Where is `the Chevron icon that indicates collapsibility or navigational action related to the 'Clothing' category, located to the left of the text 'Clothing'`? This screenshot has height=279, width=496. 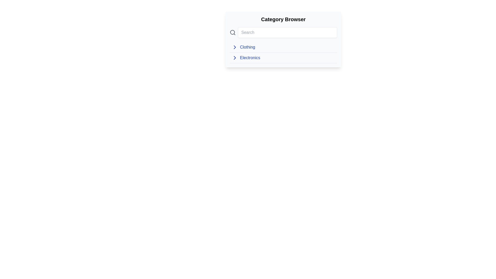 the Chevron icon that indicates collapsibility or navigational action related to the 'Clothing' category, located to the left of the text 'Clothing' is located at coordinates (234, 47).